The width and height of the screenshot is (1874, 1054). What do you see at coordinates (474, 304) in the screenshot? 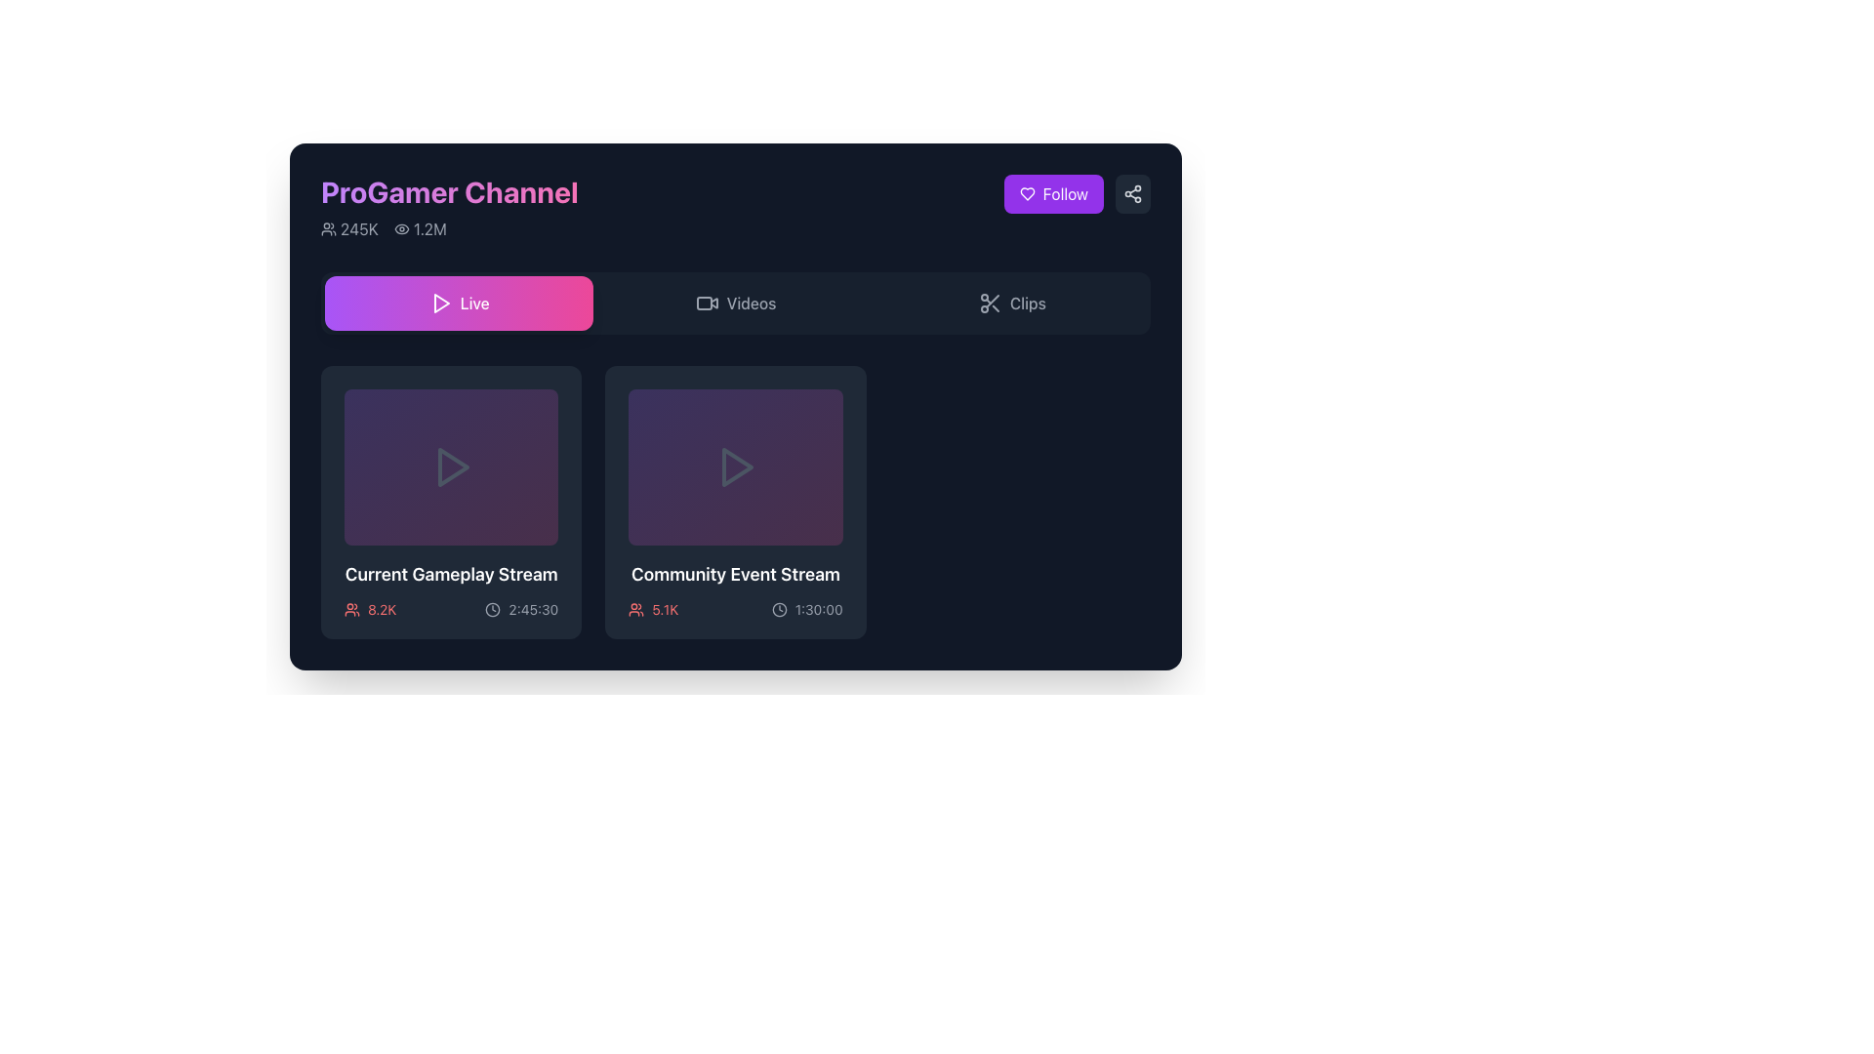
I see `text 'Live' from the text label that is part of a gradient button located at the top-center of the user interface` at bounding box center [474, 304].